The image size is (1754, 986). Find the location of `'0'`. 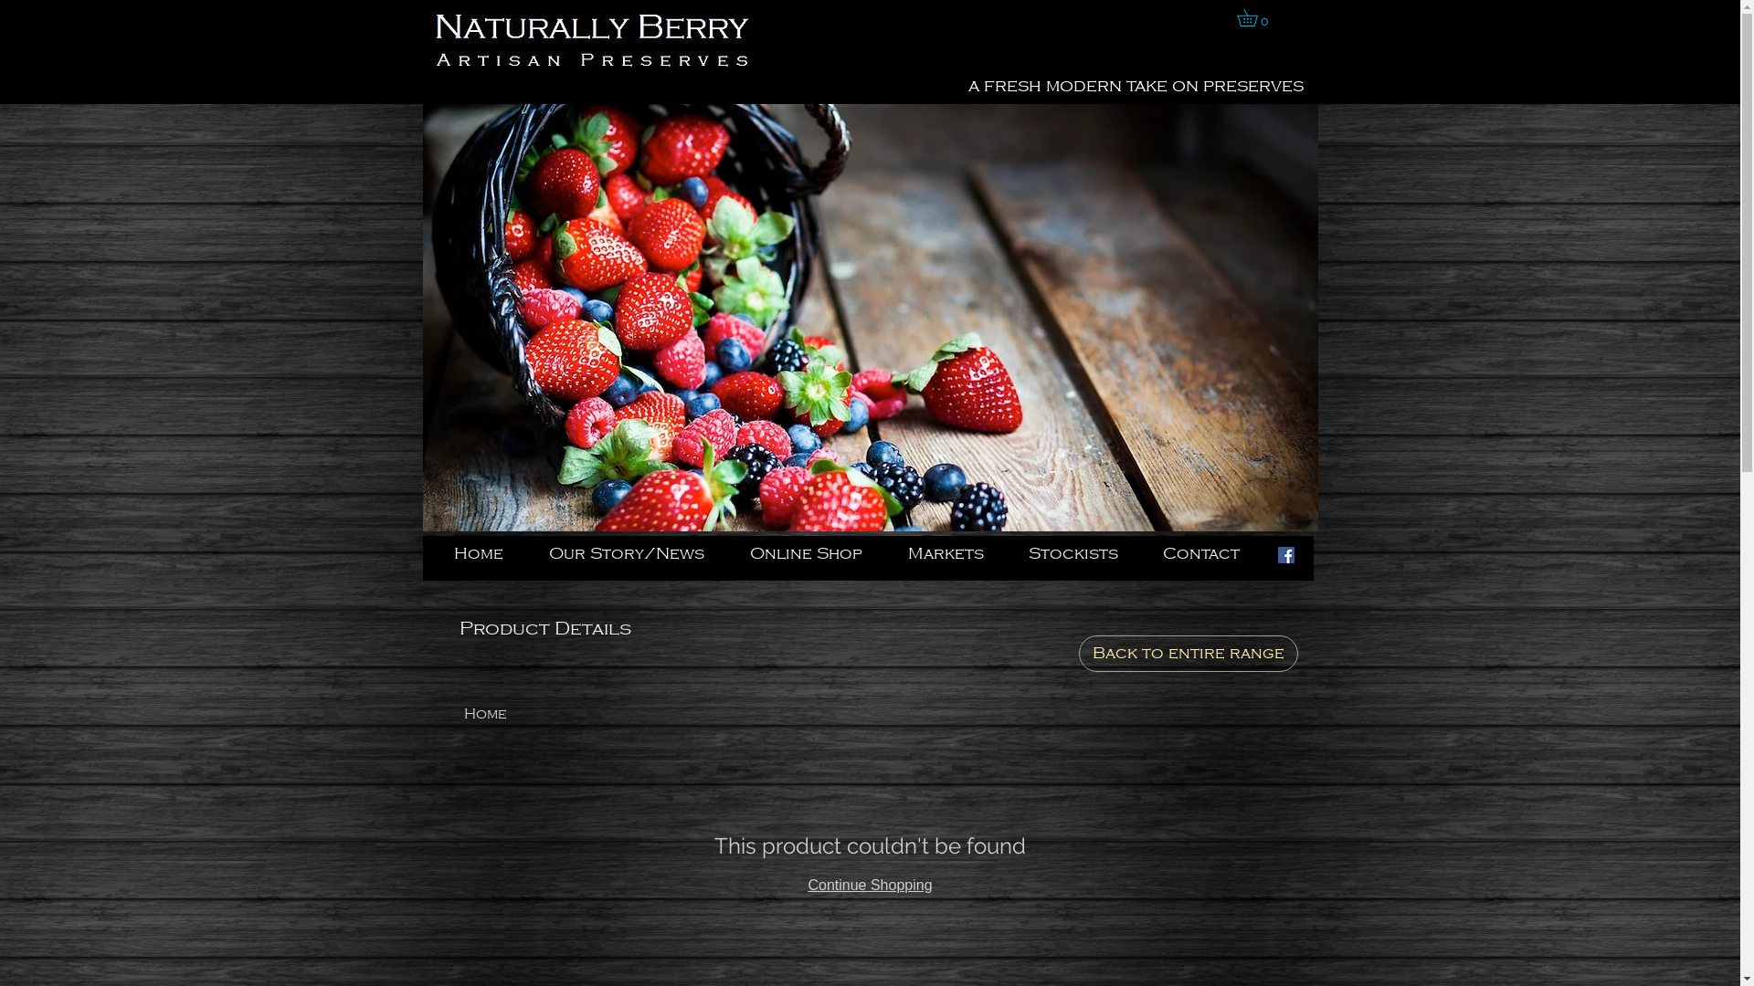

'0' is located at coordinates (1254, 17).